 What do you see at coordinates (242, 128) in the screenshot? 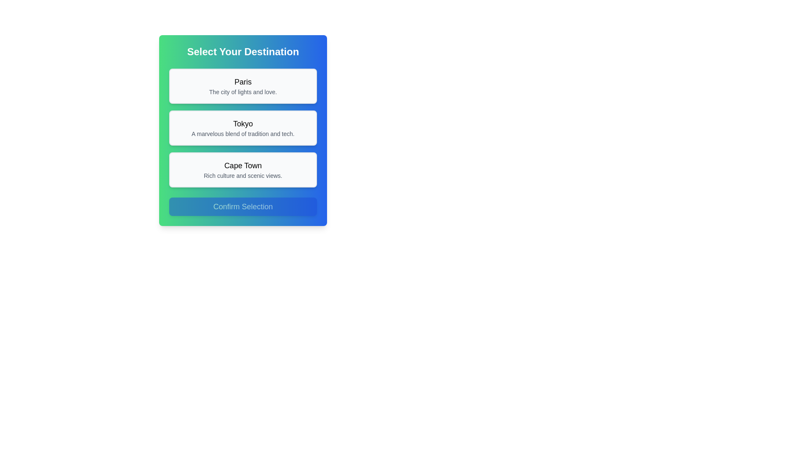
I see `the selectable list item representing the destination 'Tokyo', which is the second item in a vertical list of options` at bounding box center [242, 128].